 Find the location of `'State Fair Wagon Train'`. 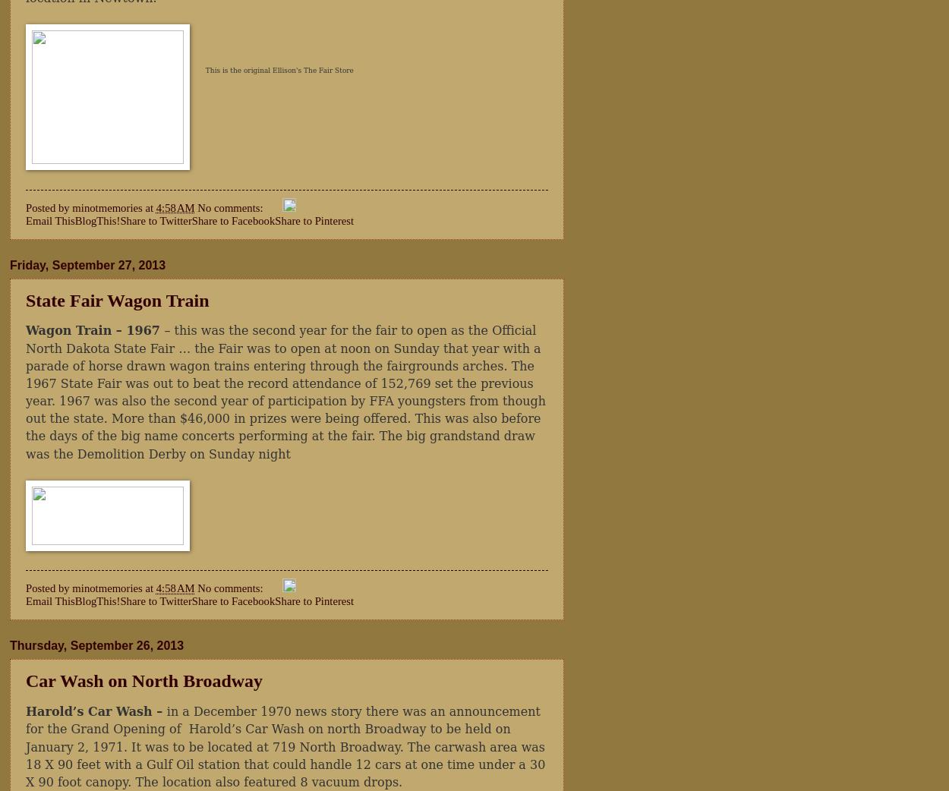

'State Fair Wagon Train' is located at coordinates (26, 299).